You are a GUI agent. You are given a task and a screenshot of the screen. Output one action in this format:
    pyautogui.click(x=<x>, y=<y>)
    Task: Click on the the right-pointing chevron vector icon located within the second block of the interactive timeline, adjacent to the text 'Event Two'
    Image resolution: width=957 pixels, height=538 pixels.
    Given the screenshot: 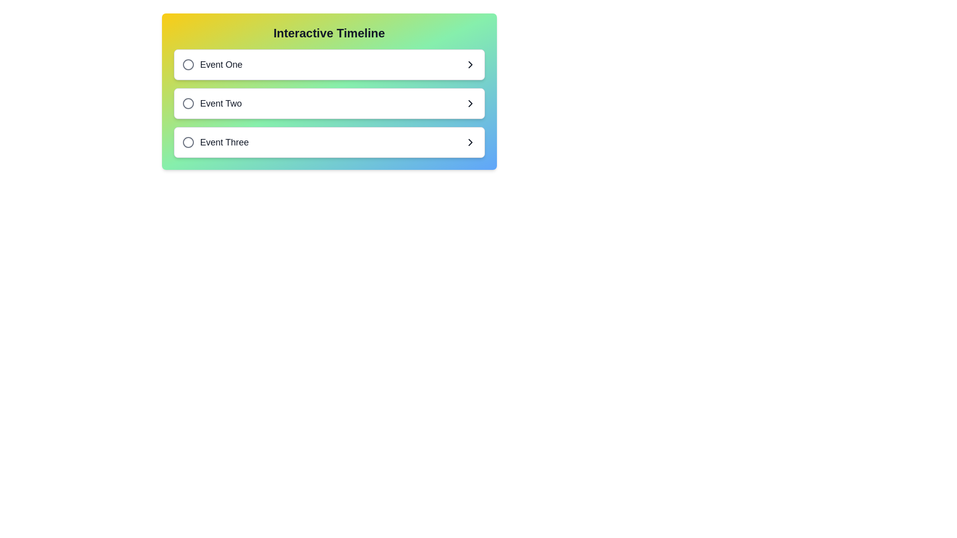 What is the action you would take?
    pyautogui.click(x=470, y=104)
    